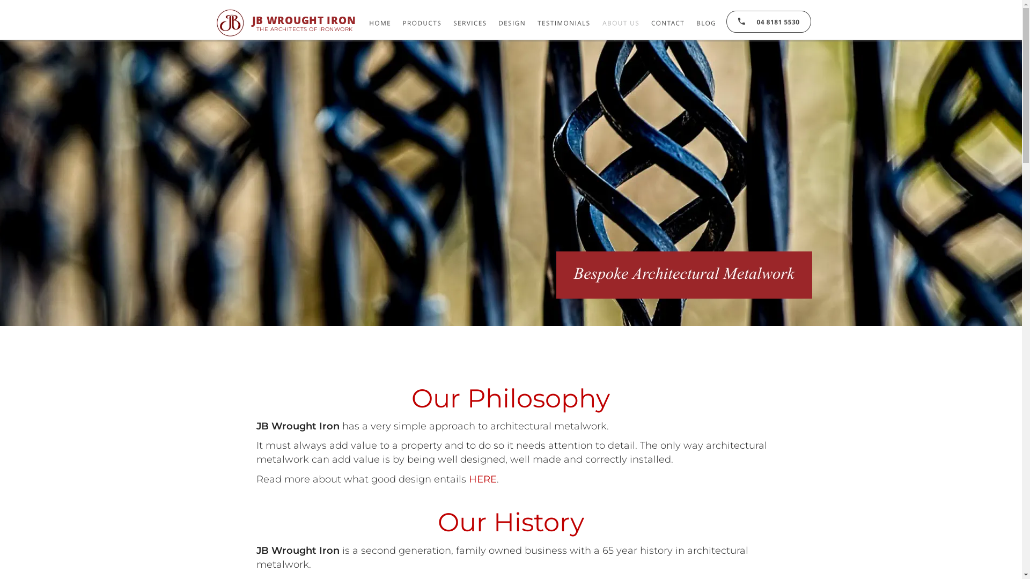 This screenshot has height=579, width=1030. I want to click on 'JB WROUGHT IRON', so click(303, 20).